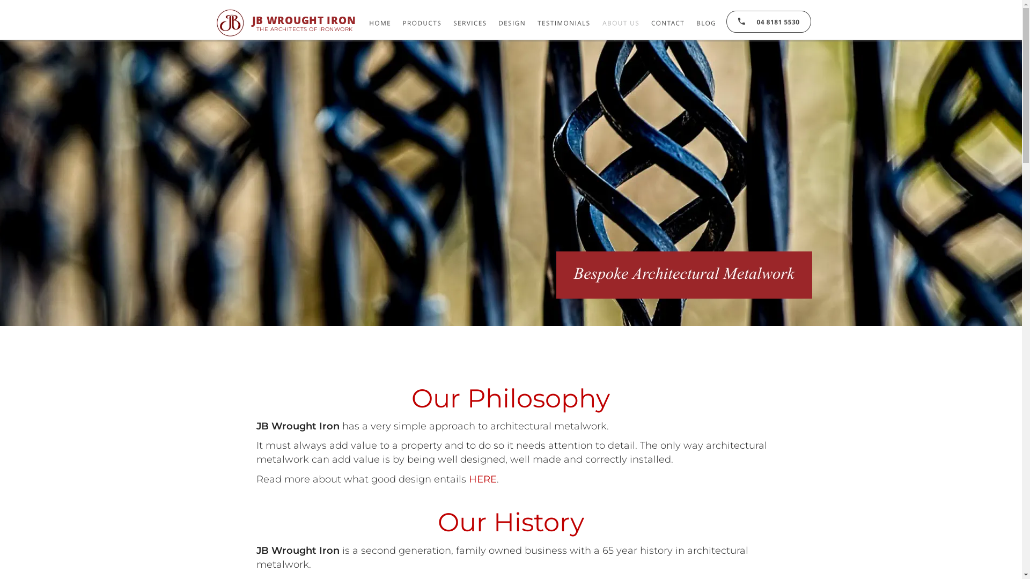 This screenshot has height=579, width=1030. I want to click on 'JB WROUGHT IRON', so click(303, 20).